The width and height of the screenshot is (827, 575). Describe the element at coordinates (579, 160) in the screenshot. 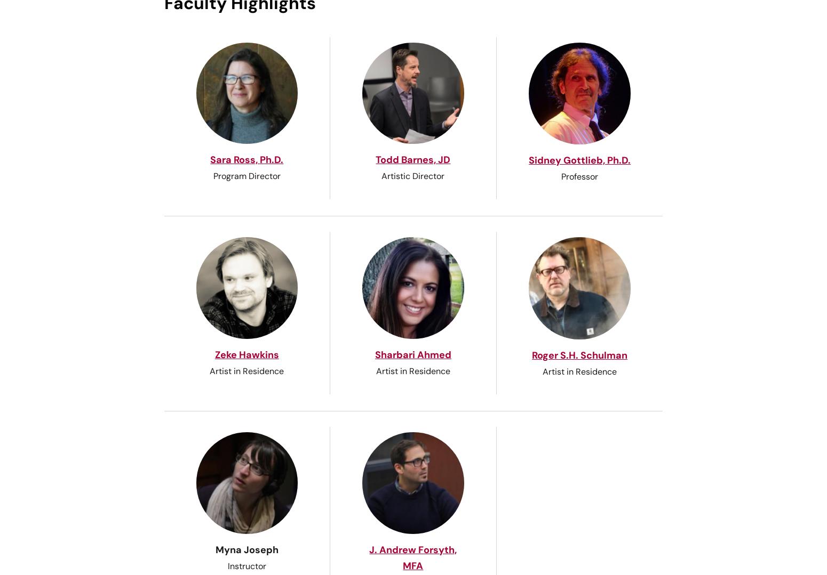

I see `'Sidney Gottlieb, Ph.D.'` at that location.